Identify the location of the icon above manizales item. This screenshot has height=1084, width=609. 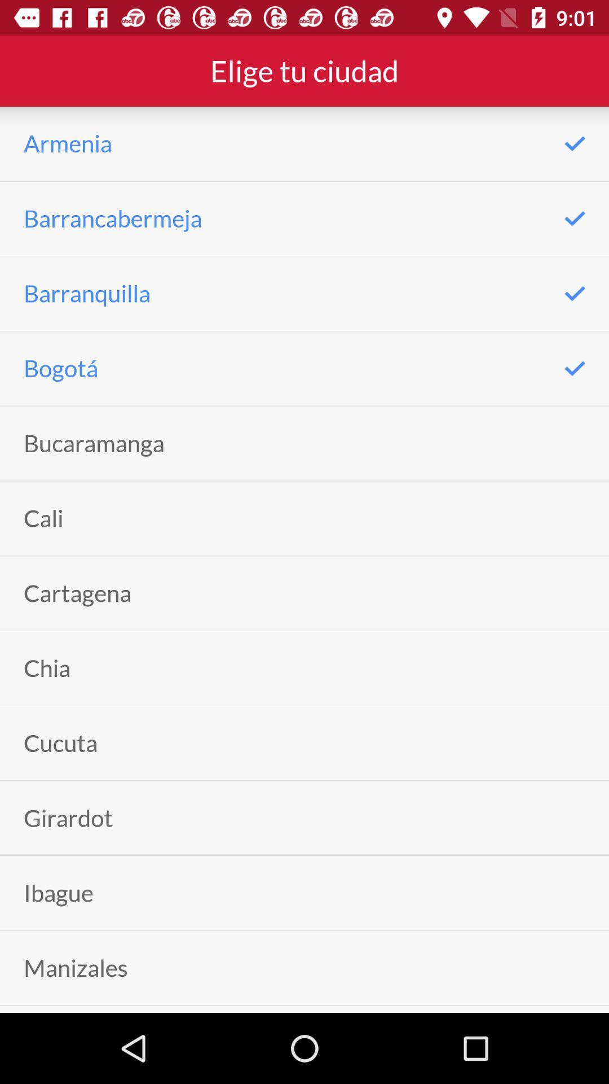
(58, 893).